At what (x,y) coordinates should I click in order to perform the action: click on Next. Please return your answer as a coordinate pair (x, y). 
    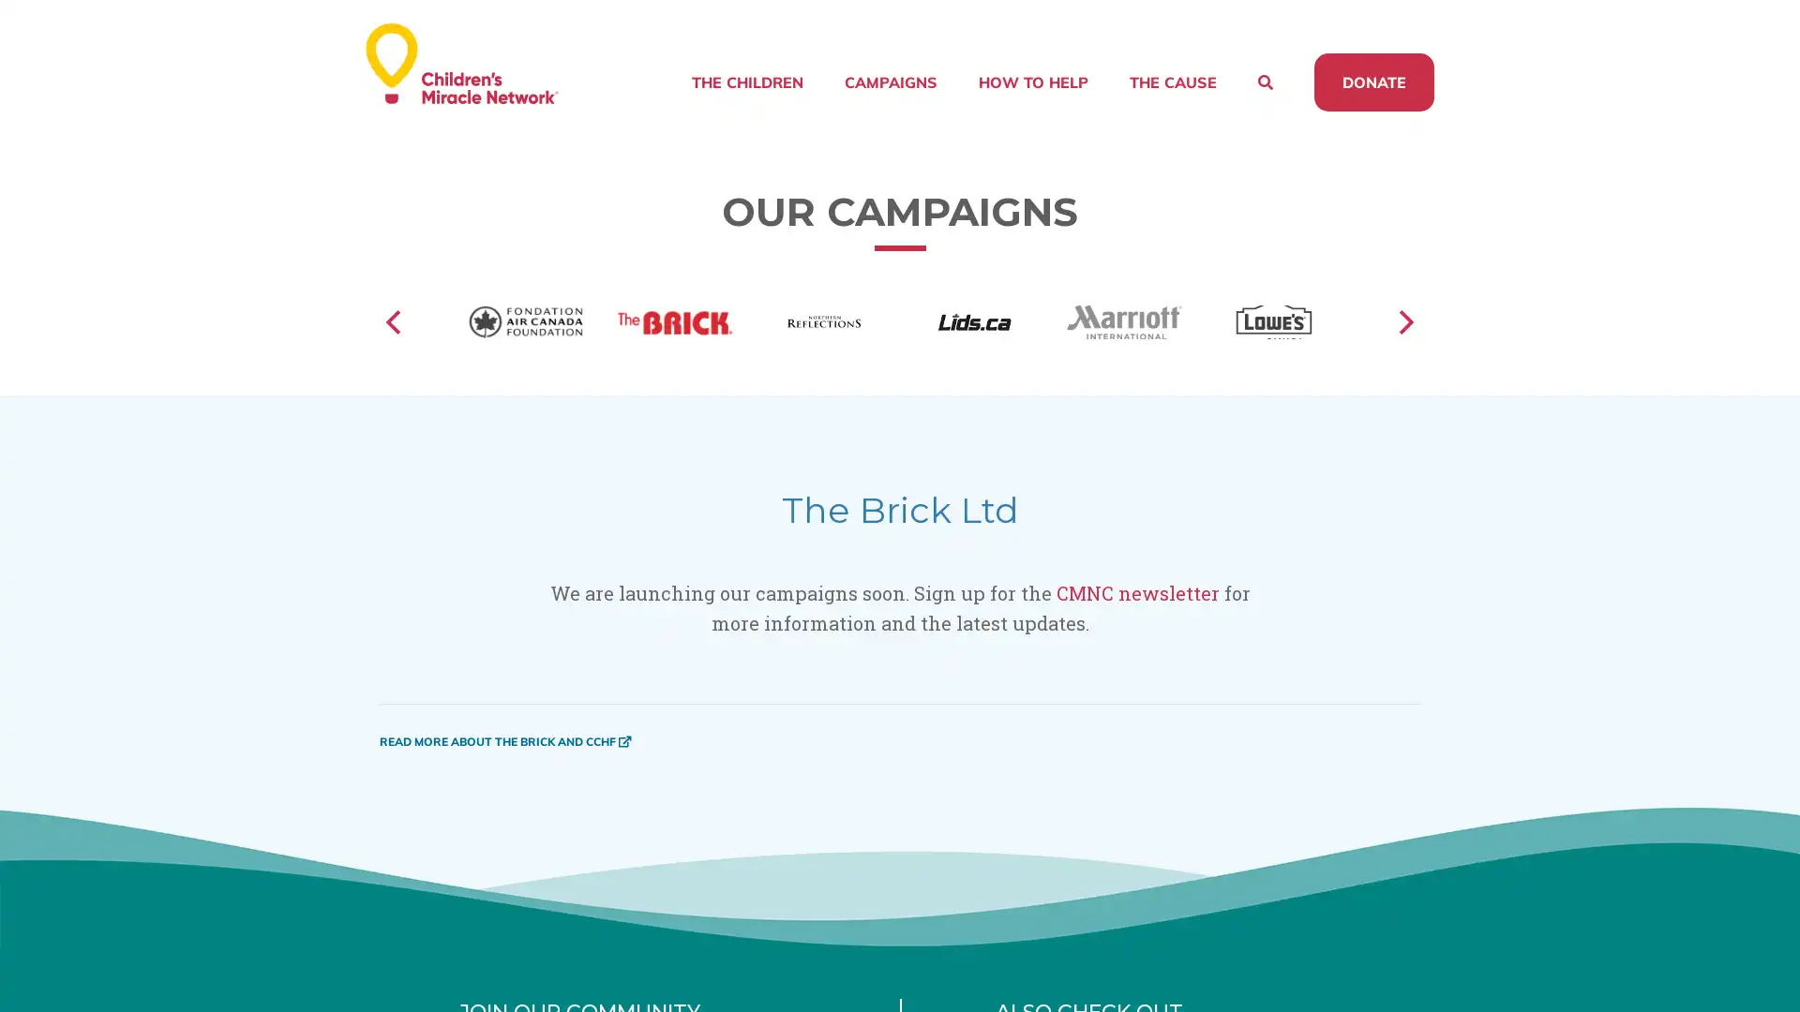
    Looking at the image, I should click on (1403, 346).